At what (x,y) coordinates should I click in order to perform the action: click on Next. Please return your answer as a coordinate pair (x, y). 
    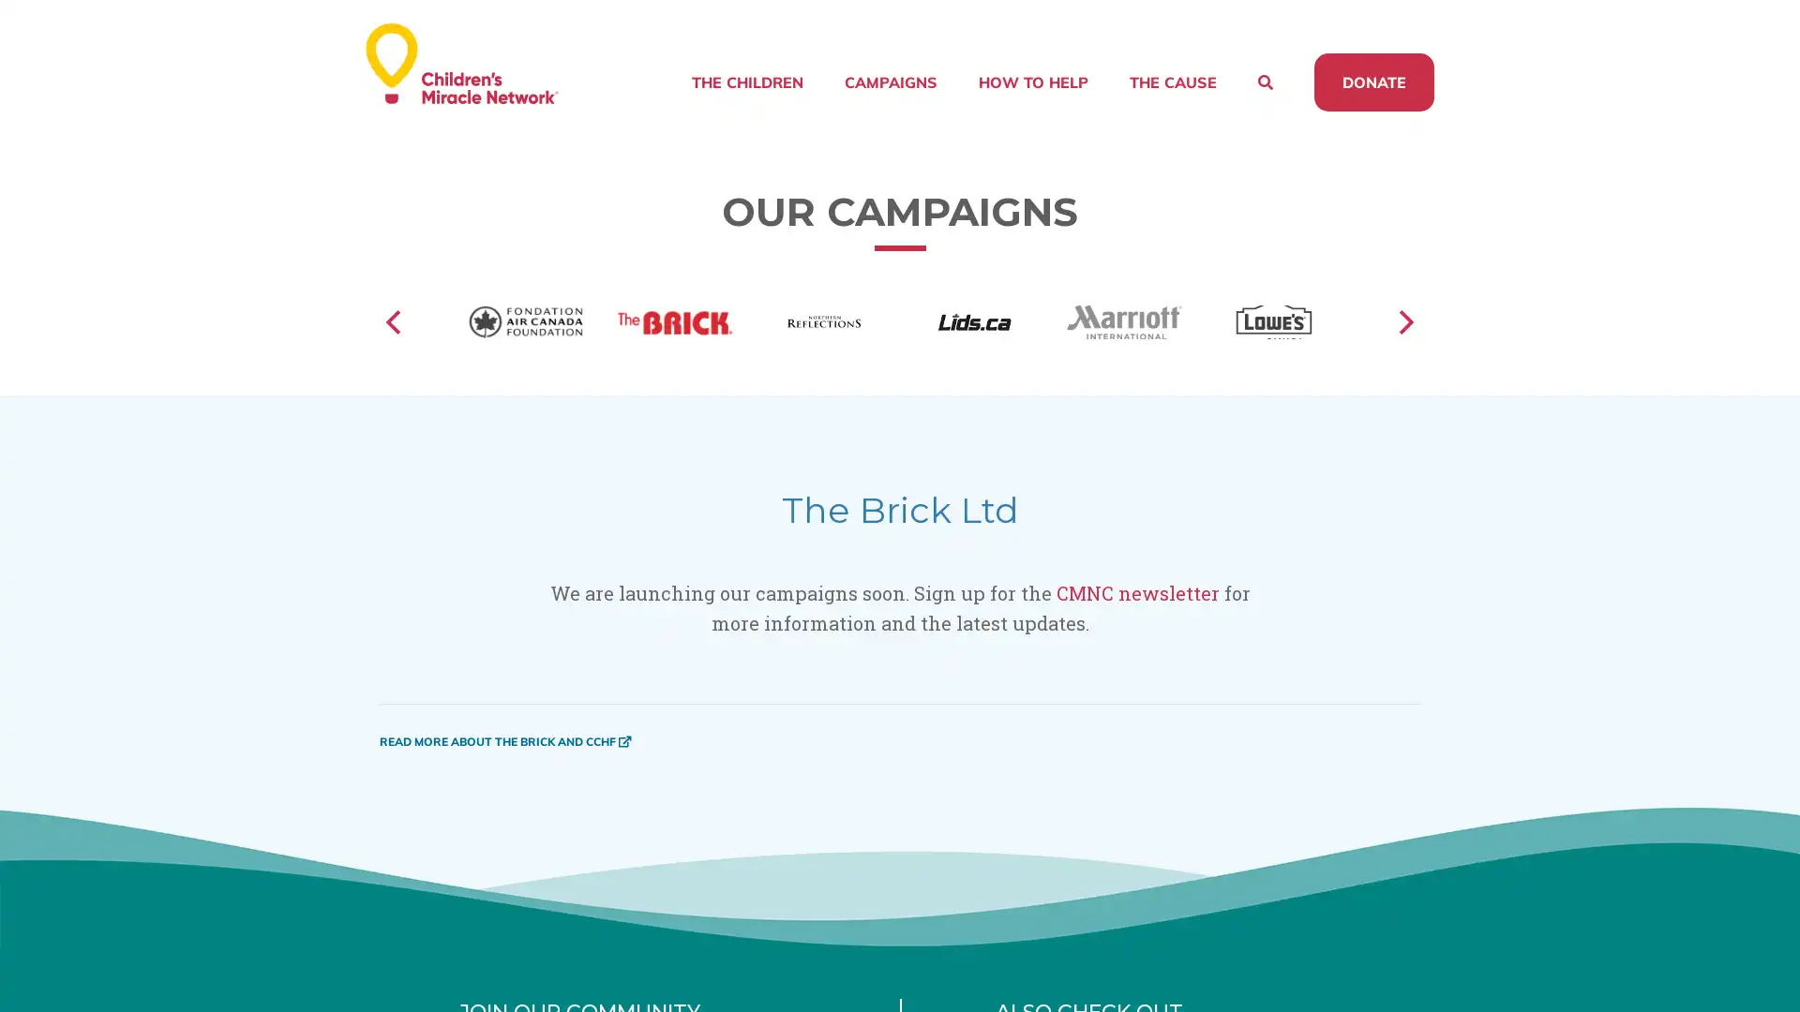
    Looking at the image, I should click on (1403, 346).